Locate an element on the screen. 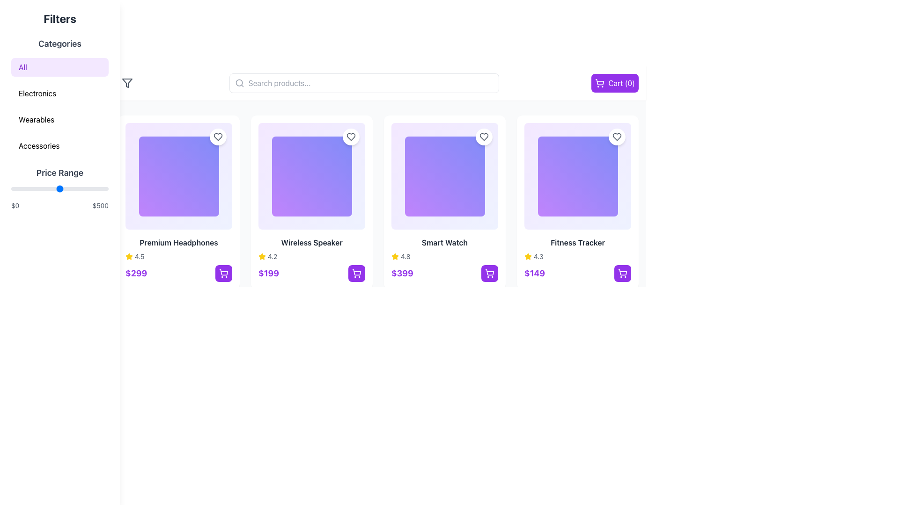 The width and height of the screenshot is (899, 505). the price range slider is located at coordinates (51, 189).